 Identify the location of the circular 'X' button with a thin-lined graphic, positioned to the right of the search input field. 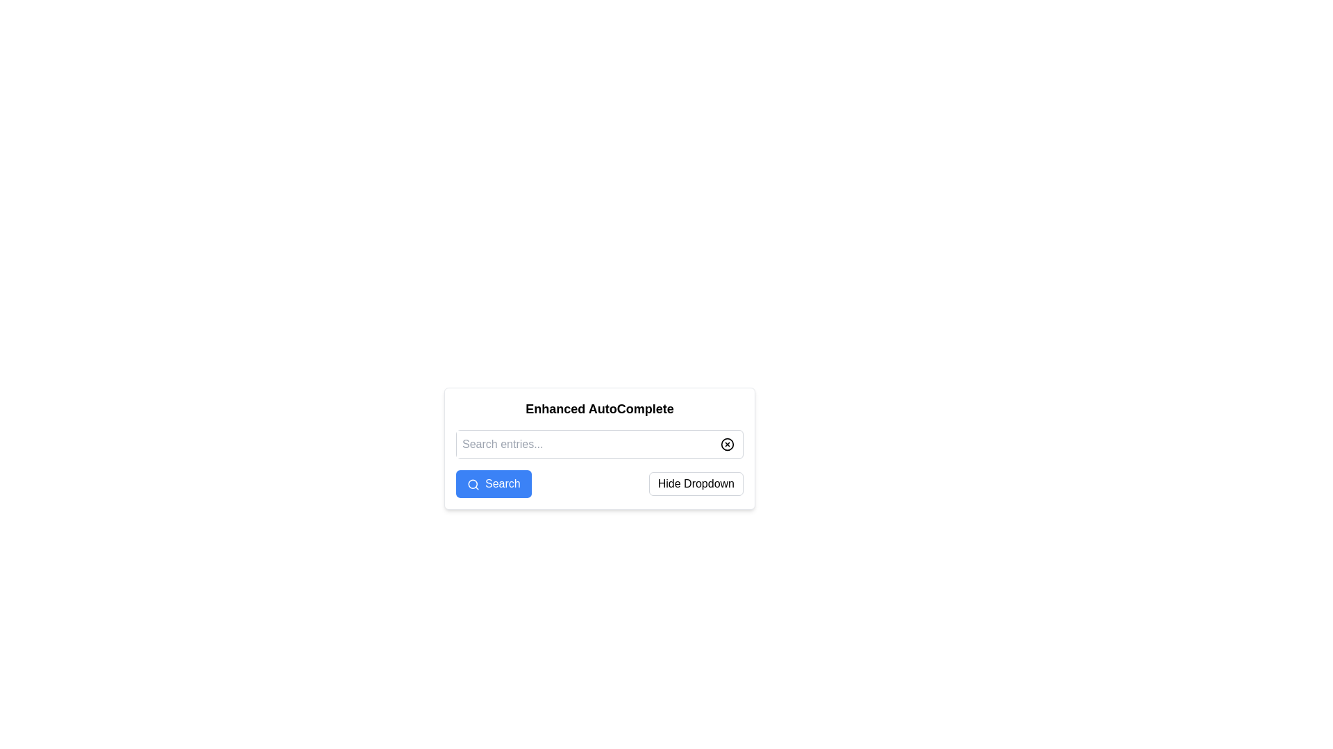
(726, 444).